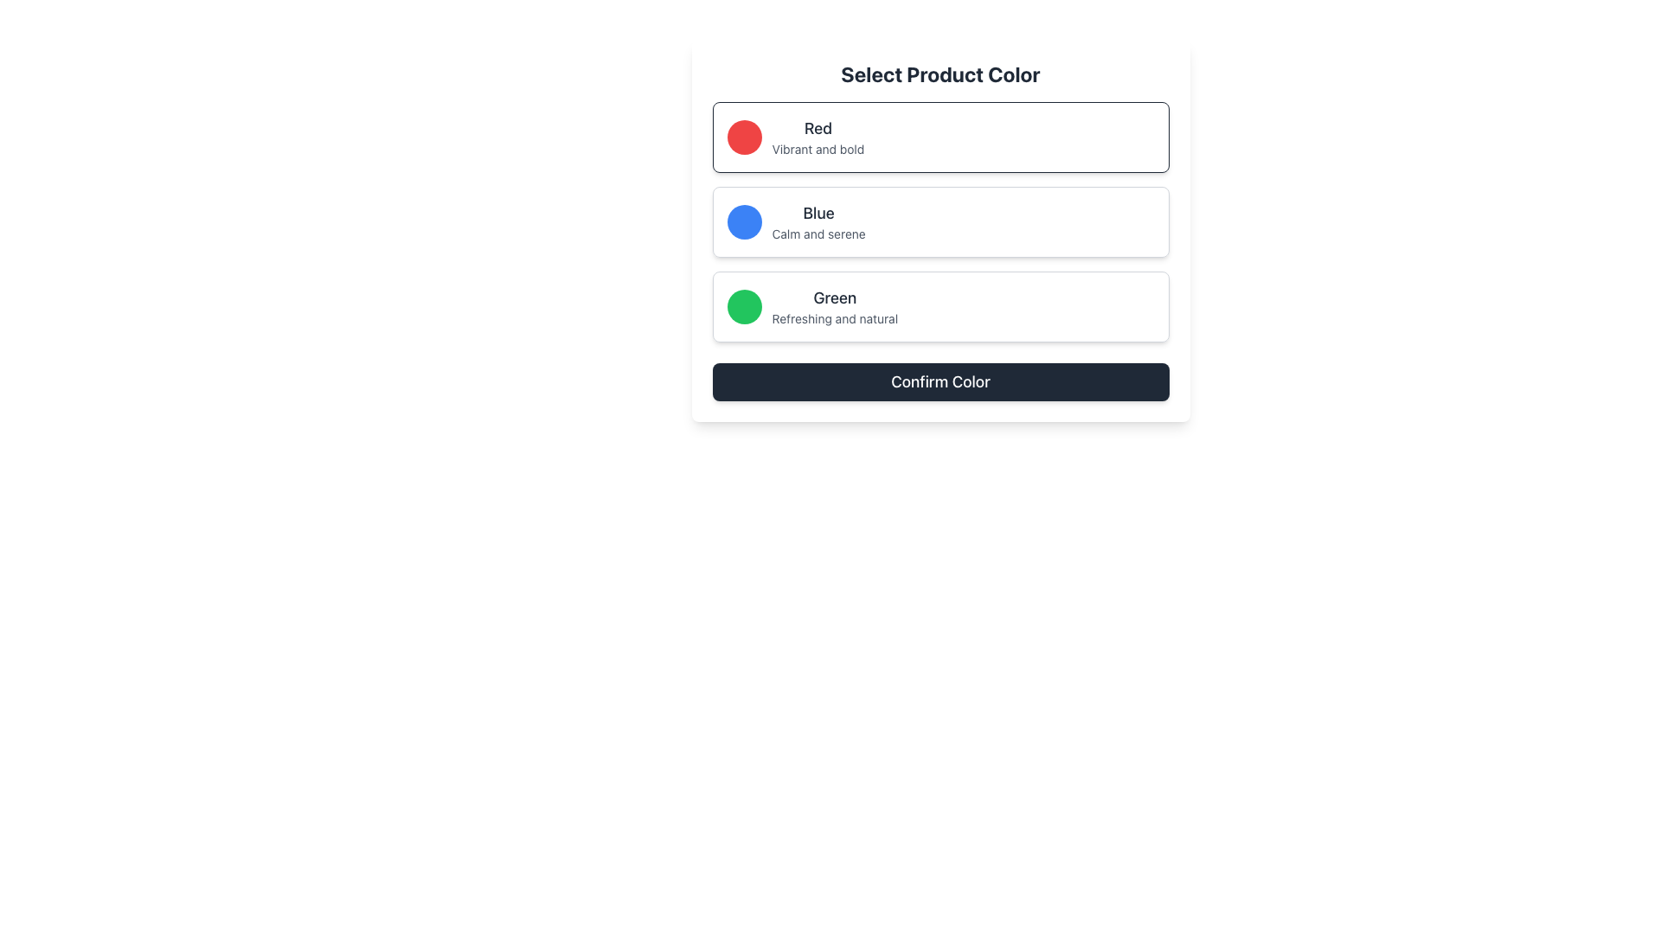 This screenshot has width=1661, height=934. What do you see at coordinates (835, 319) in the screenshot?
I see `the descriptive text snippet reading 'Refreshing and natural', which is positioned directly beneath the bold title 'Green' in the third selectable color option column` at bounding box center [835, 319].